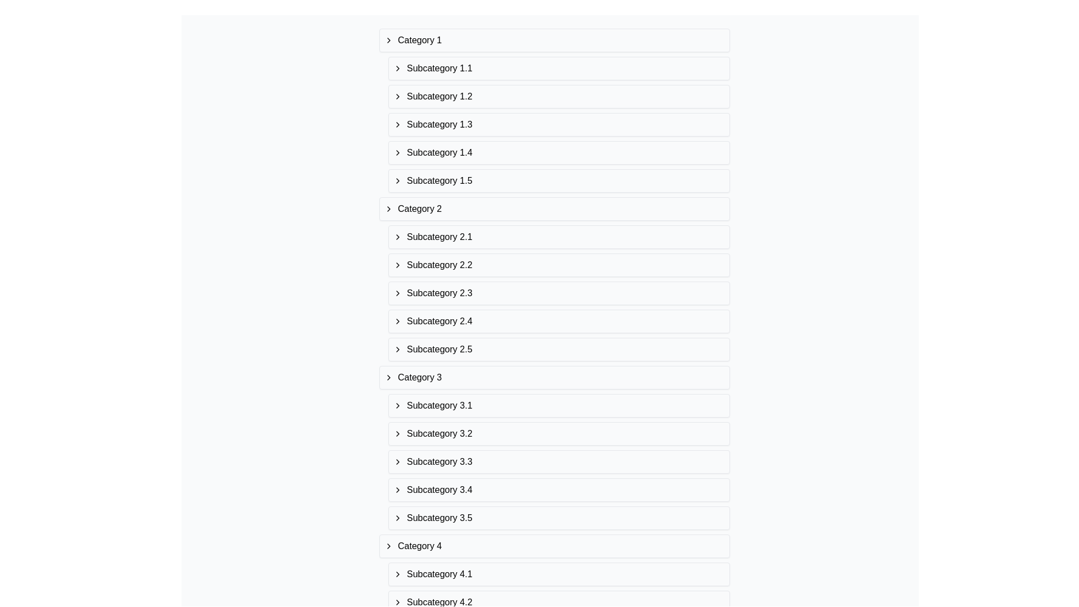 The width and height of the screenshot is (1079, 607). Describe the element at coordinates (398, 265) in the screenshot. I see `the icon located to the left of the text 'Subcategory 2.2'` at that location.